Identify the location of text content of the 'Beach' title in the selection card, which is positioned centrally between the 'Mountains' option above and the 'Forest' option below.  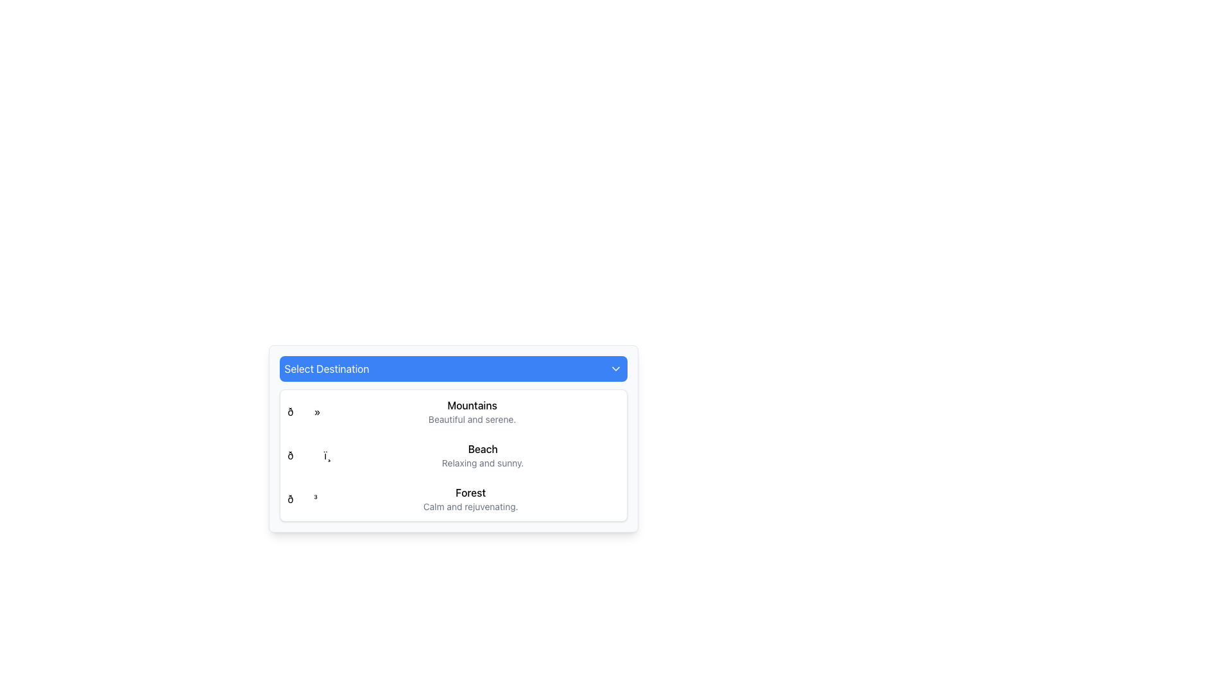
(482, 448).